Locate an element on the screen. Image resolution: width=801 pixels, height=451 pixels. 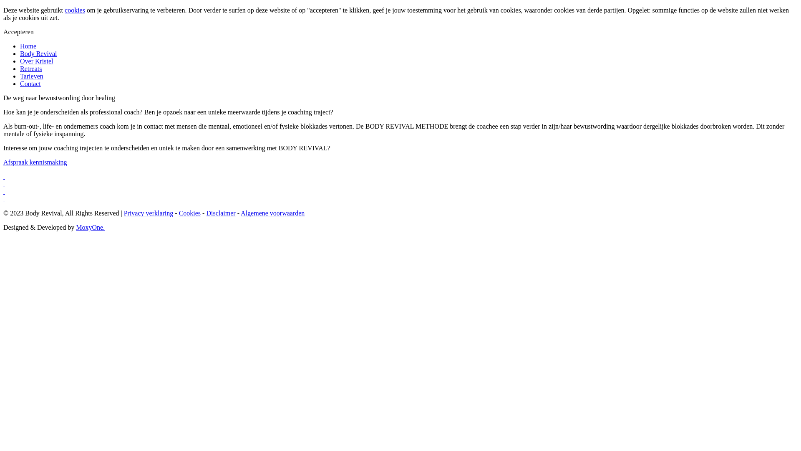
'Retreats' is located at coordinates (30, 68).